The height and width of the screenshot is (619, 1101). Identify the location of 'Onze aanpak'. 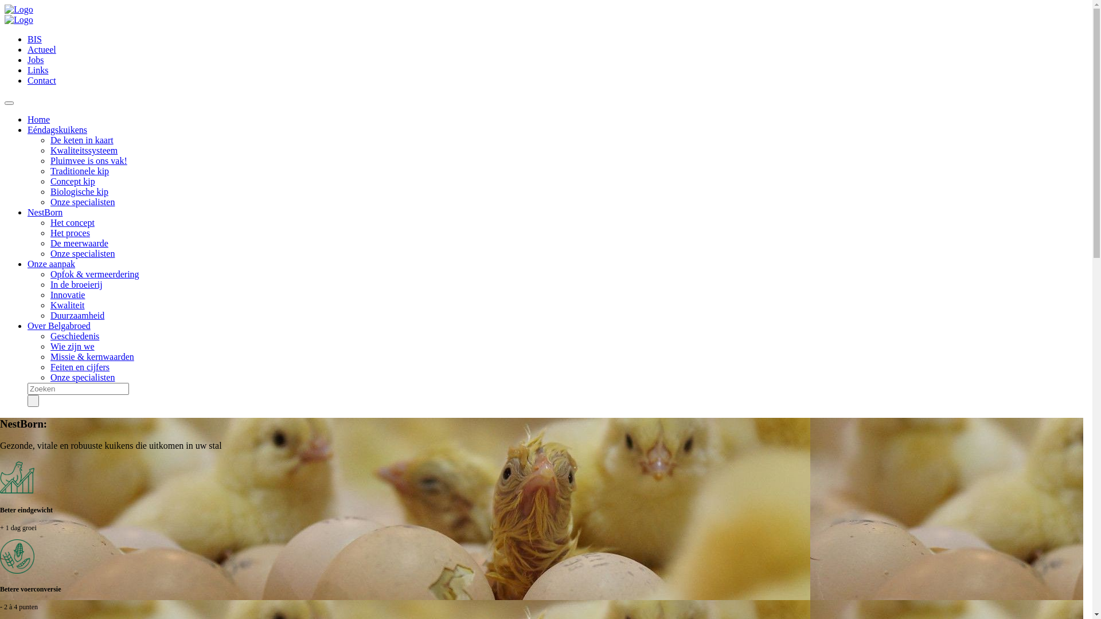
(50, 264).